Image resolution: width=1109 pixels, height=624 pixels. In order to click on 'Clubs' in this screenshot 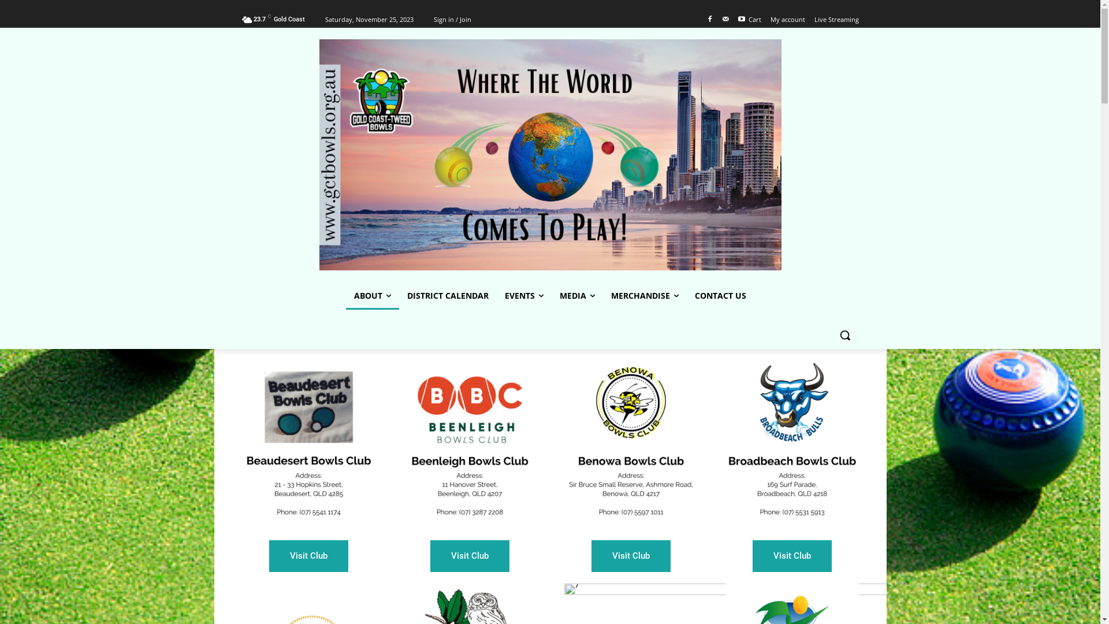, I will do `click(308, 442)`.